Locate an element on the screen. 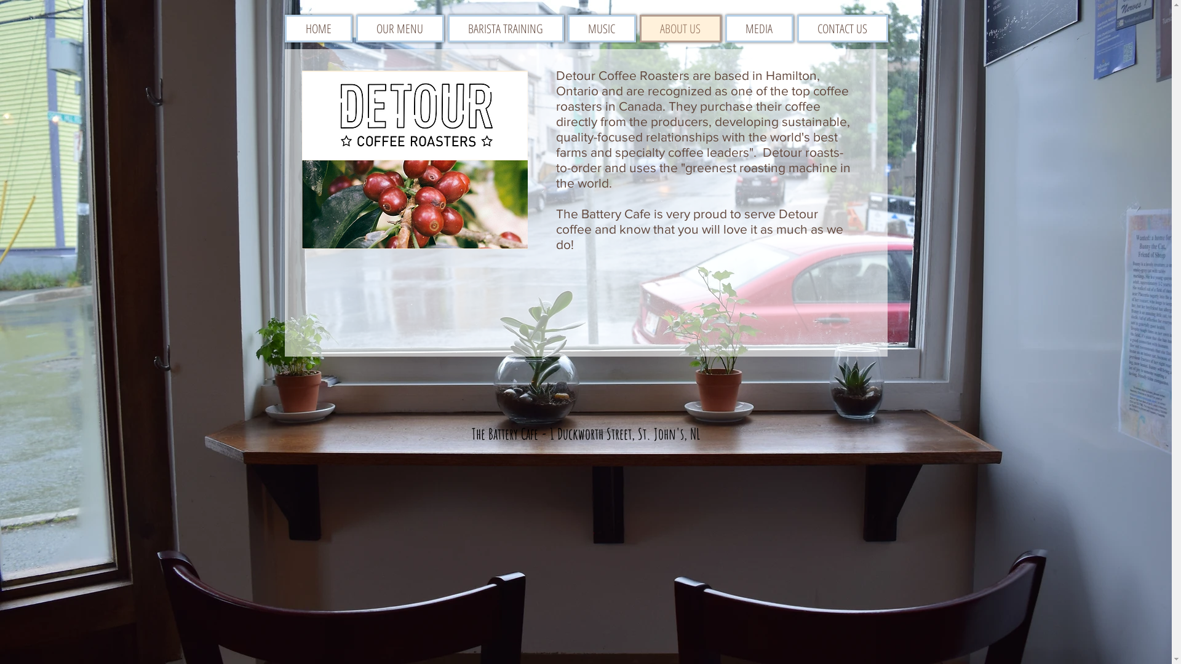  'MEDIA' is located at coordinates (758, 28).